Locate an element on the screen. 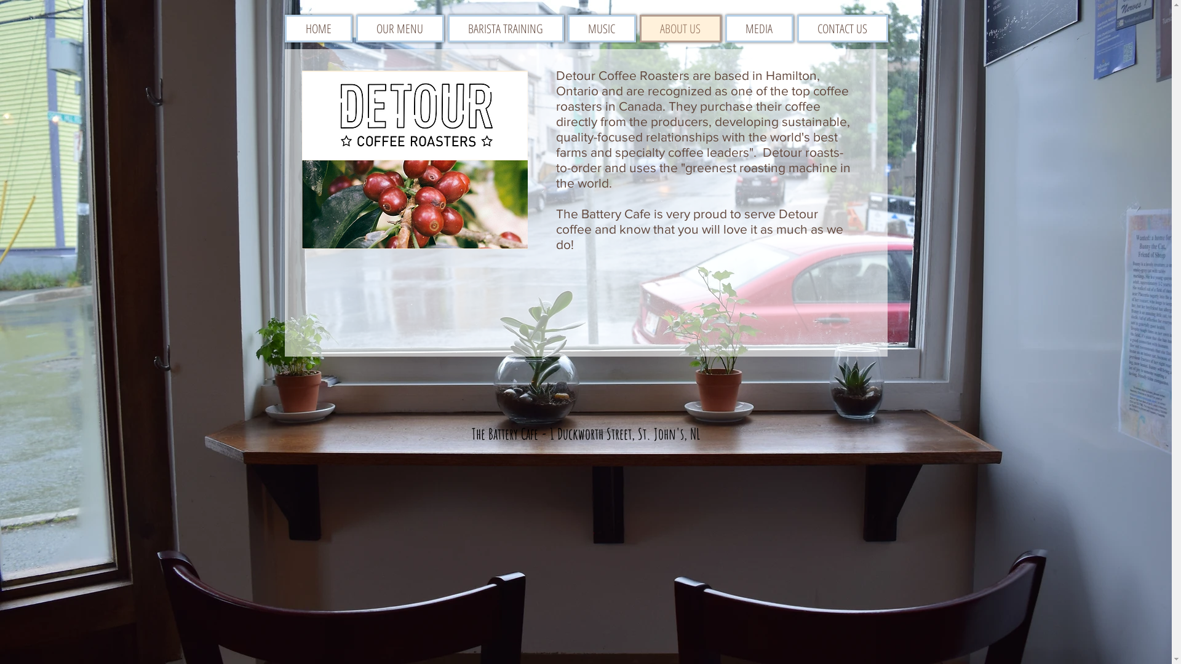  'MEDIA' is located at coordinates (758, 28).